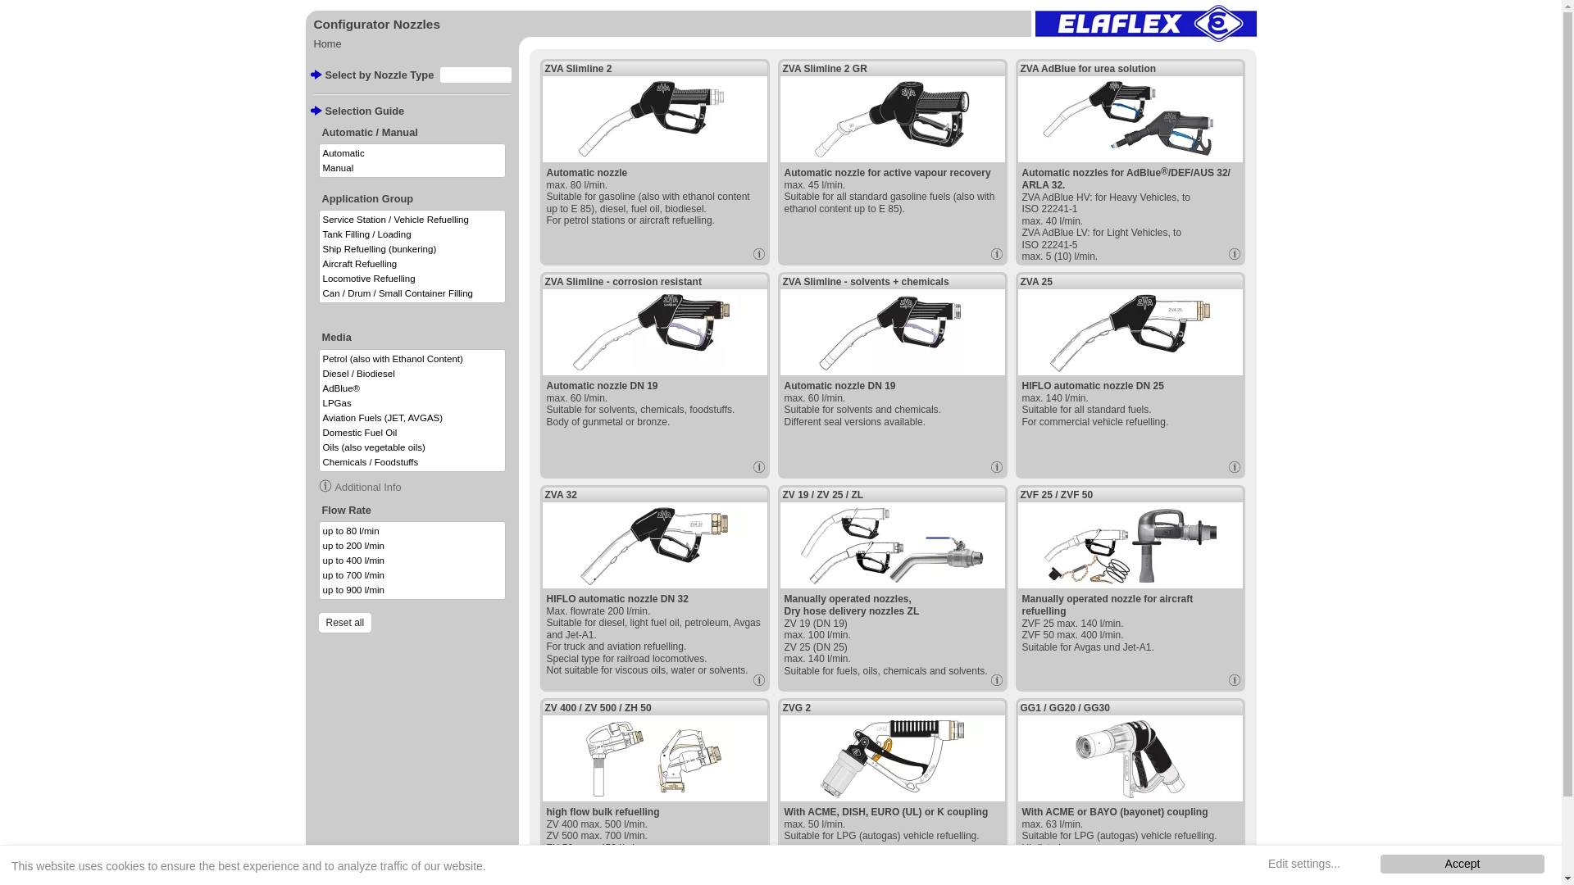  I want to click on 'Automatic', so click(412, 152).